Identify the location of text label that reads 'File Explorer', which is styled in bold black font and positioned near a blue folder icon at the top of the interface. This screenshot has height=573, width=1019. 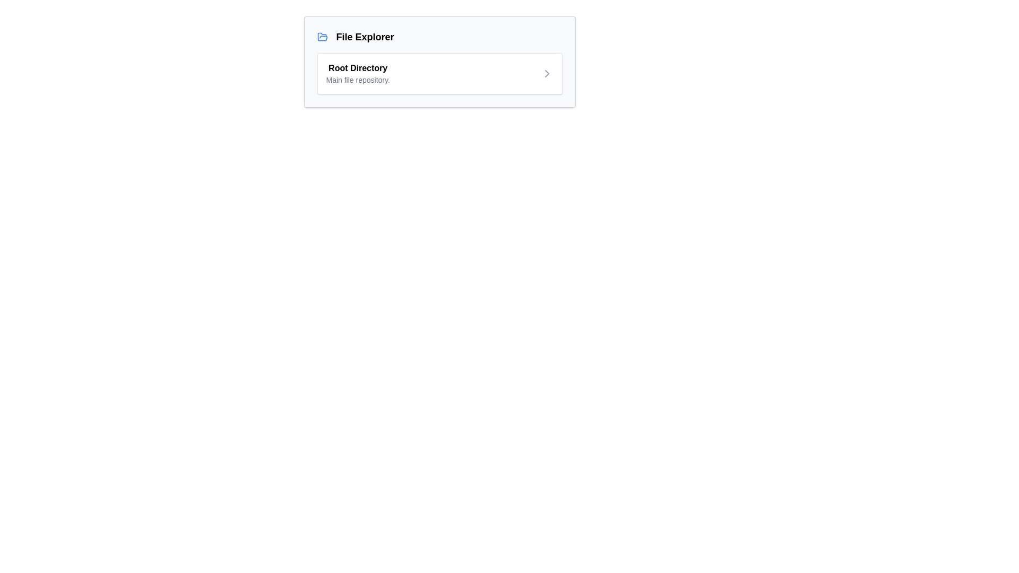
(365, 36).